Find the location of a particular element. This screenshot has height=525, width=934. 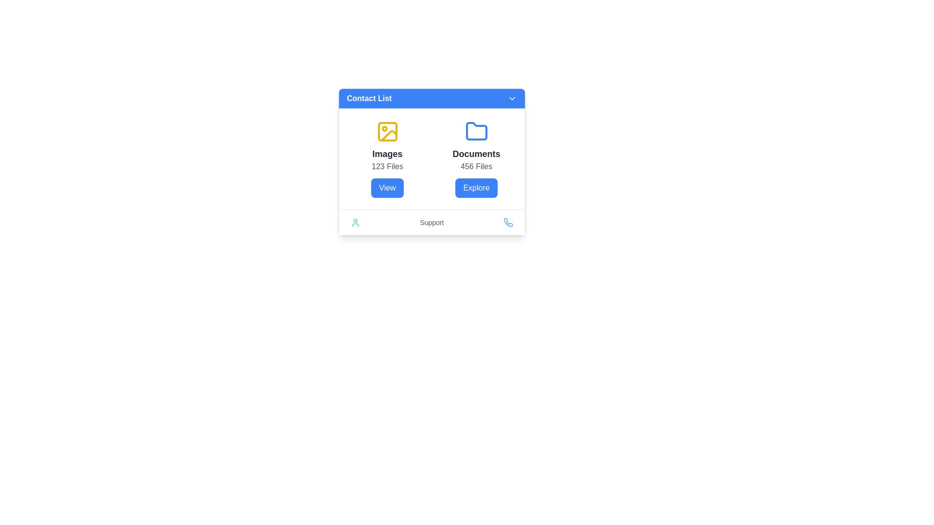

the rounded blue button labeled 'View' located in the lower section of the 'Images' sub-panel, directly below the text '123 Files' is located at coordinates (387, 188).